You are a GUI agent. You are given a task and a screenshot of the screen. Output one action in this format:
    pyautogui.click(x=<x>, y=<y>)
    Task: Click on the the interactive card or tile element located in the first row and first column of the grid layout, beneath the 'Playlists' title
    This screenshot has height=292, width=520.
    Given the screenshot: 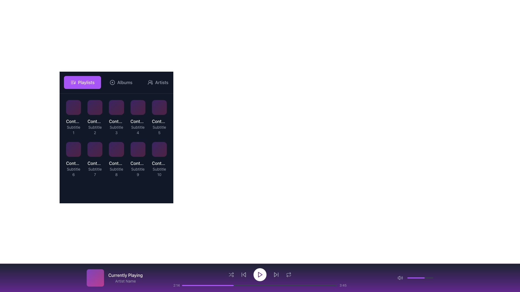 What is the action you would take?
    pyautogui.click(x=73, y=107)
    